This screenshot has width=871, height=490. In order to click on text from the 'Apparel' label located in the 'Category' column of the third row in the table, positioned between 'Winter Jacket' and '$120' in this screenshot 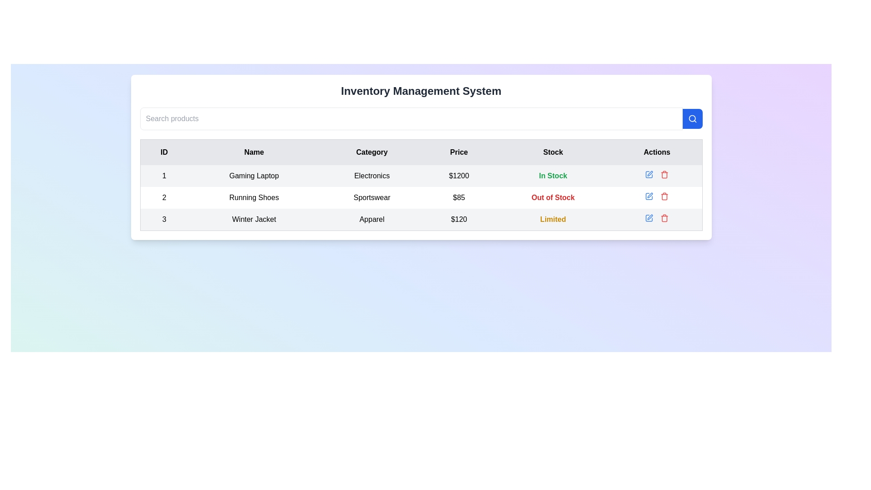, I will do `click(372, 219)`.